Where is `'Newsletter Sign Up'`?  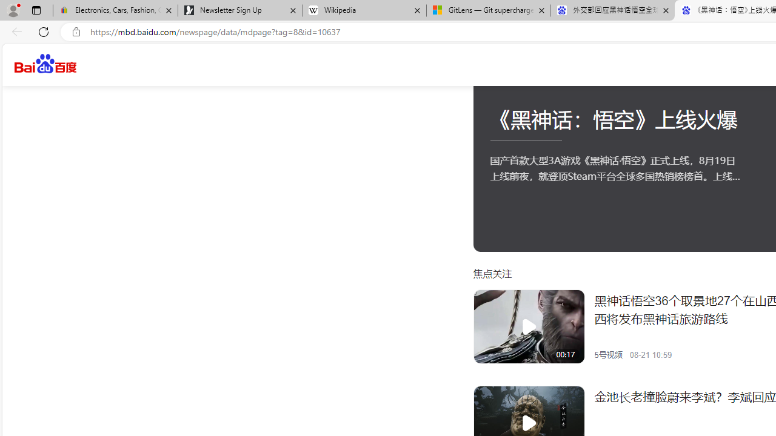
'Newsletter Sign Up' is located at coordinates (240, 10).